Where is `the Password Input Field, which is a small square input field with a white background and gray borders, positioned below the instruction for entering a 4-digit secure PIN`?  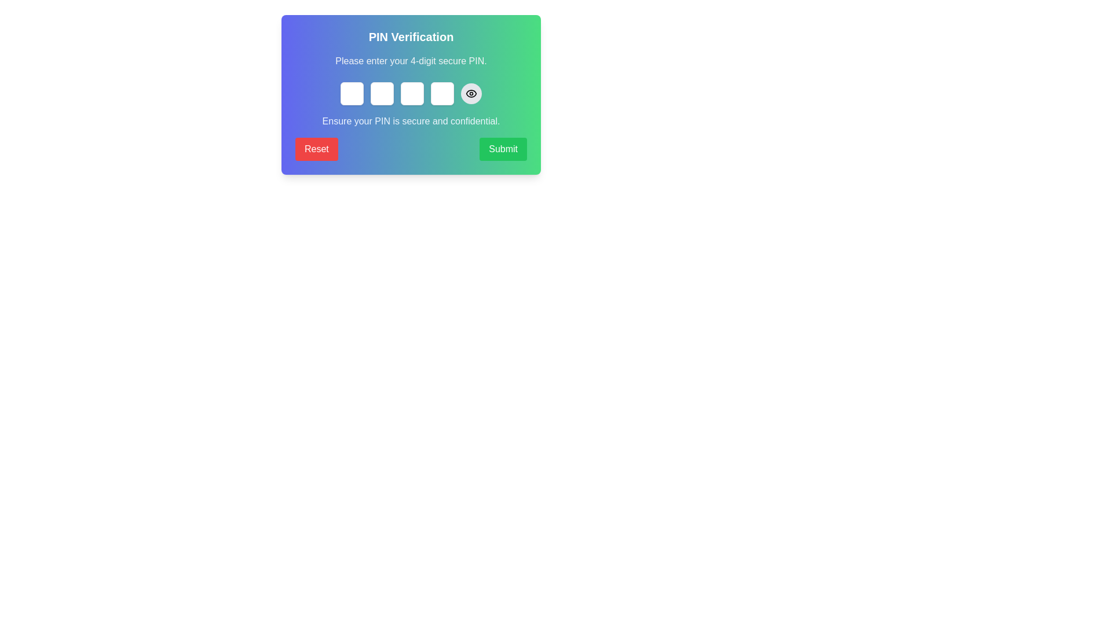
the Password Input Field, which is a small square input field with a white background and gray borders, positioned below the instruction for entering a 4-digit secure PIN is located at coordinates (441, 93).